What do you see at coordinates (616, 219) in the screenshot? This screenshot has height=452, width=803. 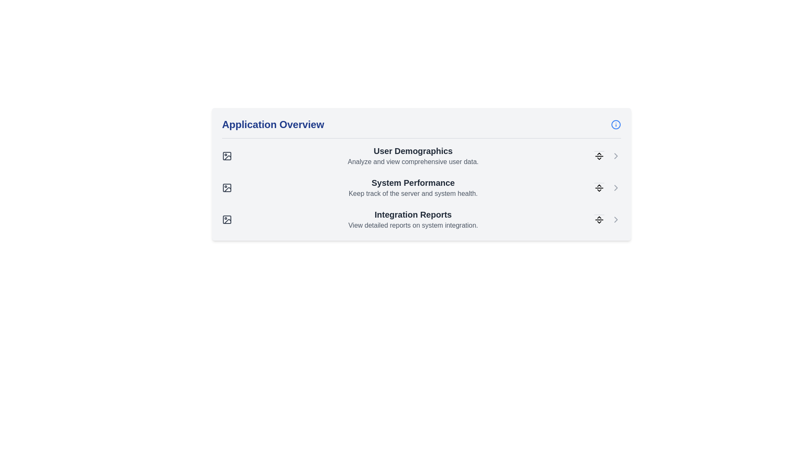 I see `the Chevron icon located at the far right of the 'Integration Reports' section` at bounding box center [616, 219].